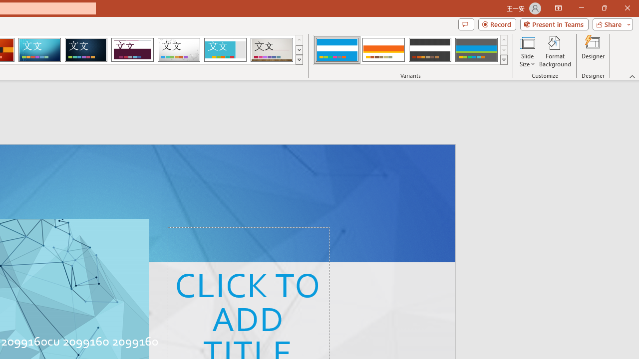 This screenshot has width=639, height=359. I want to click on 'Gallery', so click(272, 50).